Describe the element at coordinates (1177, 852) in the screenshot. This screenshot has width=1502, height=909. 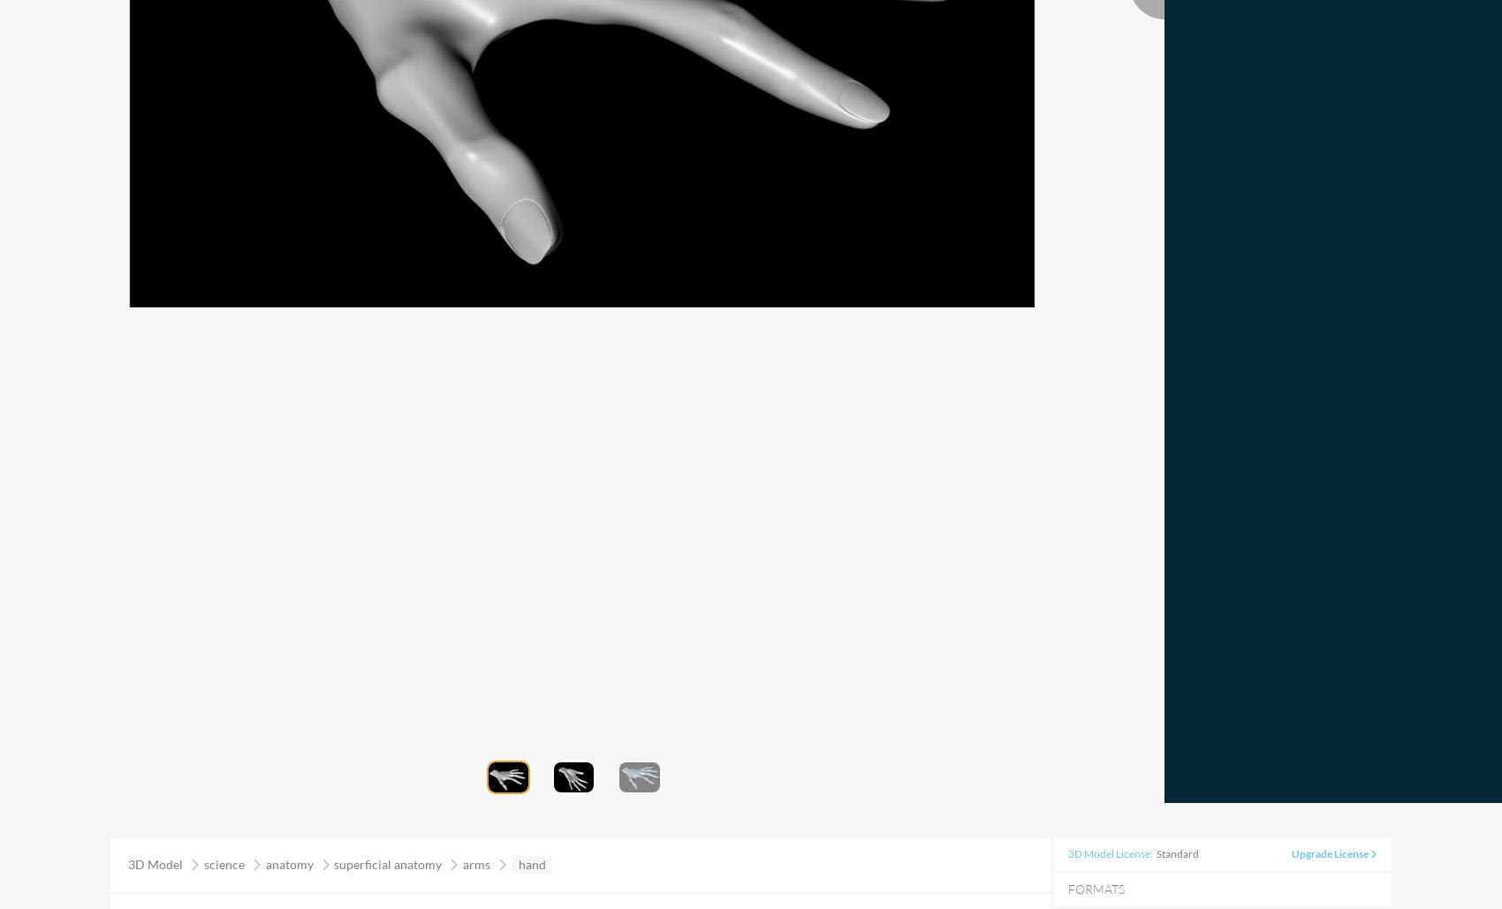
I see `'Standard'` at that location.